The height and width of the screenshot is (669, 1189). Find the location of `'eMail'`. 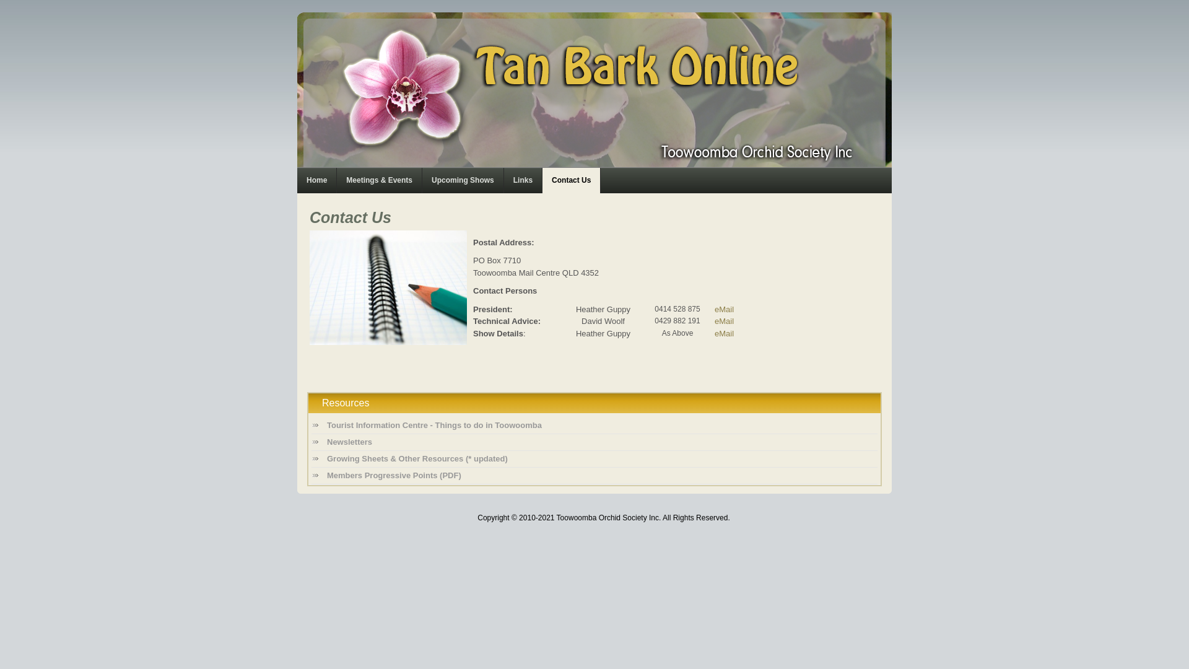

'eMail' is located at coordinates (724, 320).